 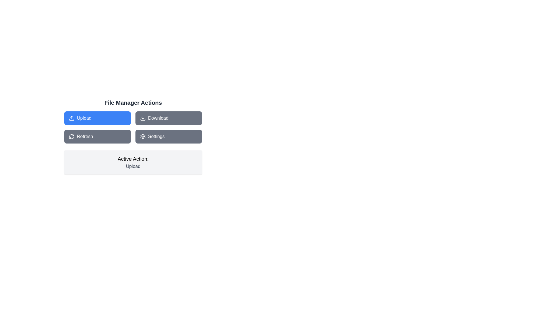 I want to click on the 'Download' text label, which is located within the second button of a 2x2 grid of buttons, featuring a white font on a grey background with rounded corners, so click(x=158, y=118).